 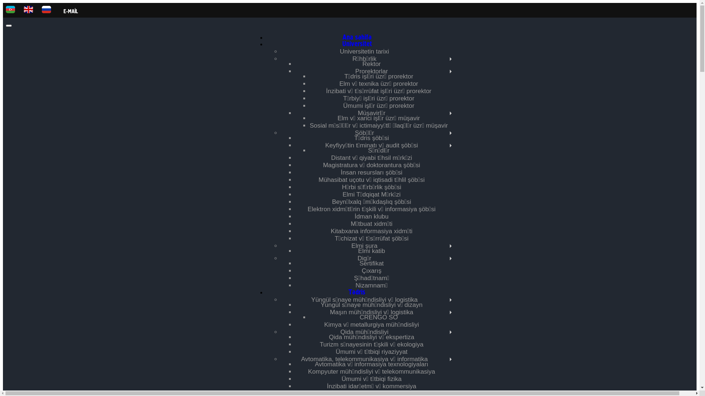 I want to click on 'Universitet', so click(x=357, y=44).